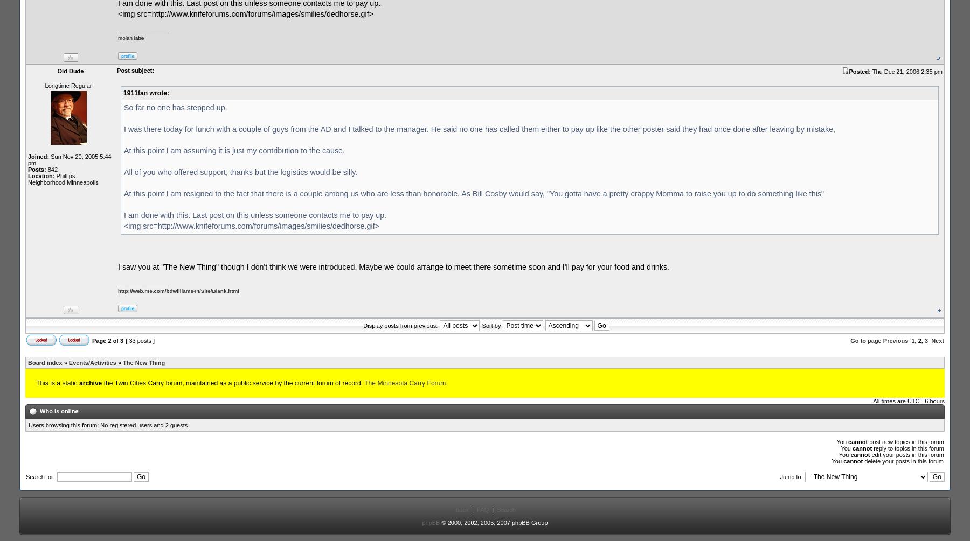 This screenshot has height=541, width=970. Describe the element at coordinates (38, 156) in the screenshot. I see `'Joined:'` at that location.